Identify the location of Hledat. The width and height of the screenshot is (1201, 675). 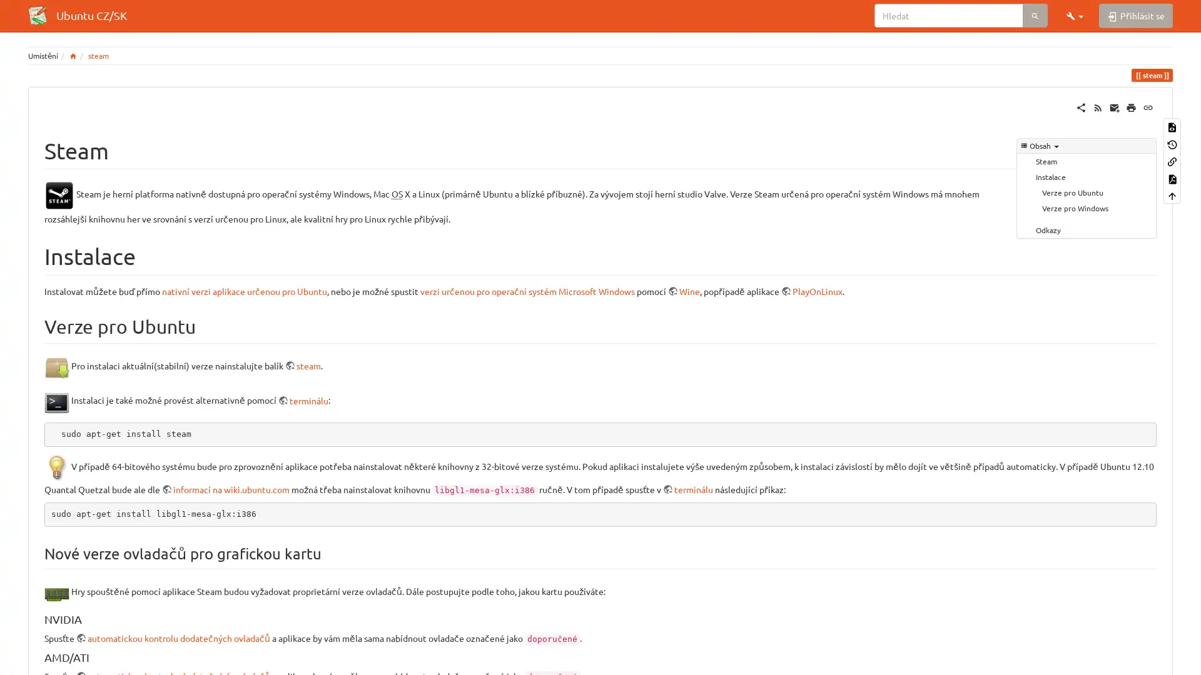
(1035, 15).